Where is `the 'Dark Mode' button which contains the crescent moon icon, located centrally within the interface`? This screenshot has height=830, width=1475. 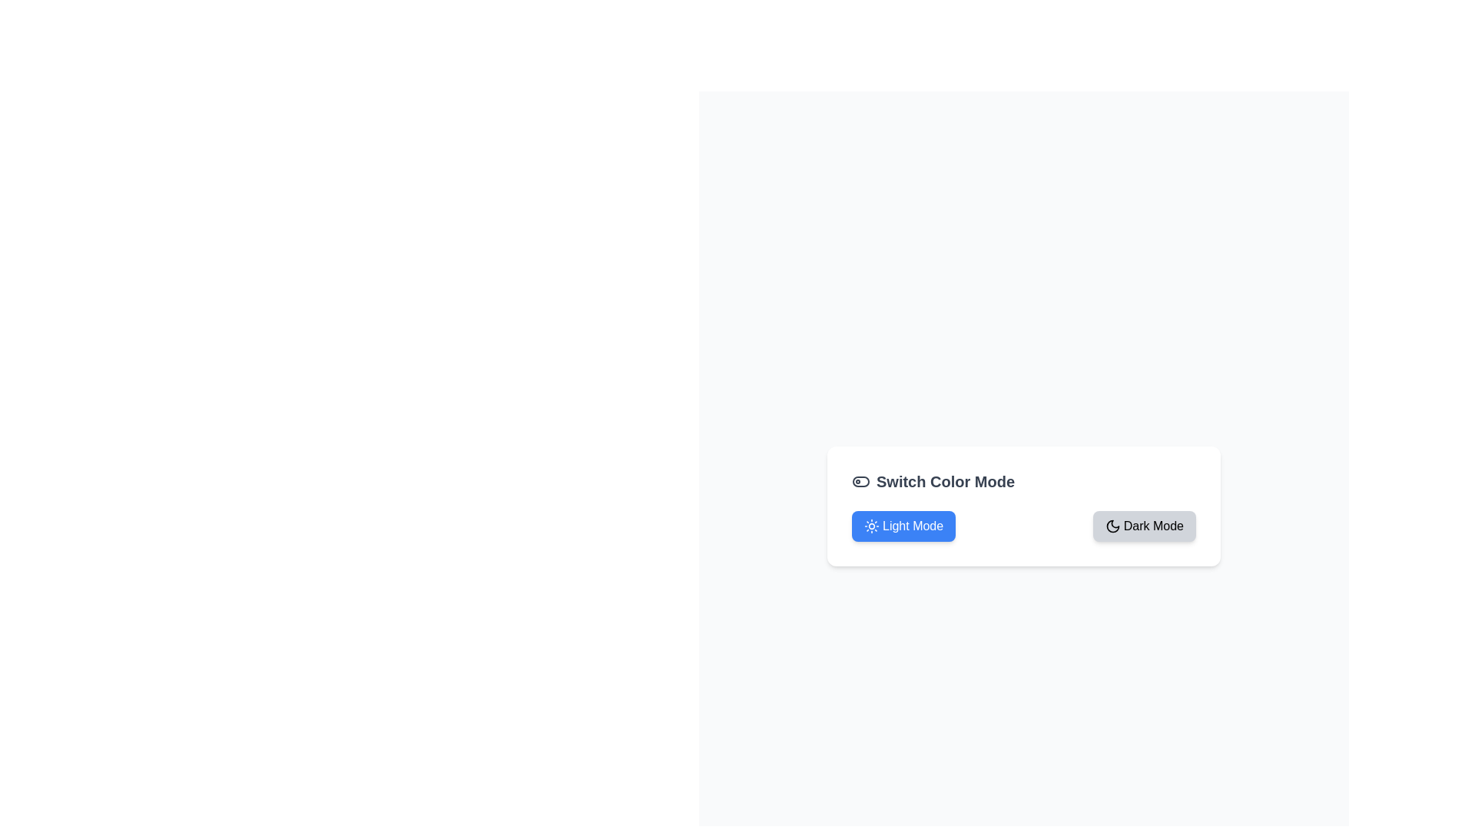 the 'Dark Mode' button which contains the crescent moon icon, located centrally within the interface is located at coordinates (1112, 526).